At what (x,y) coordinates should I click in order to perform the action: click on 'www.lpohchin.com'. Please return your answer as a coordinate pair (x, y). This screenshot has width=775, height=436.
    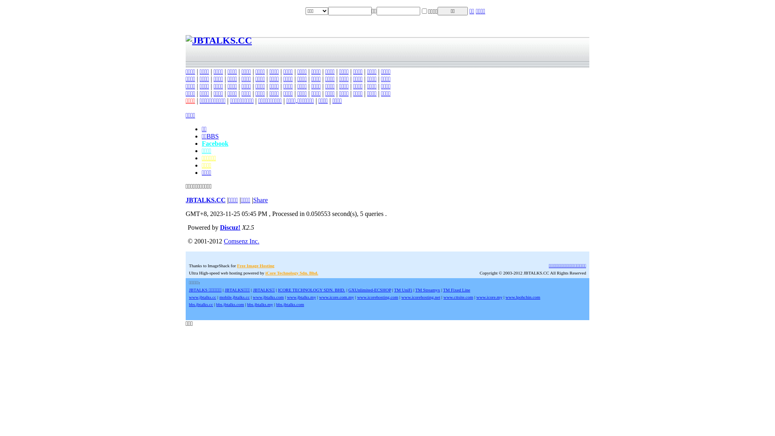
    Looking at the image, I should click on (523, 297).